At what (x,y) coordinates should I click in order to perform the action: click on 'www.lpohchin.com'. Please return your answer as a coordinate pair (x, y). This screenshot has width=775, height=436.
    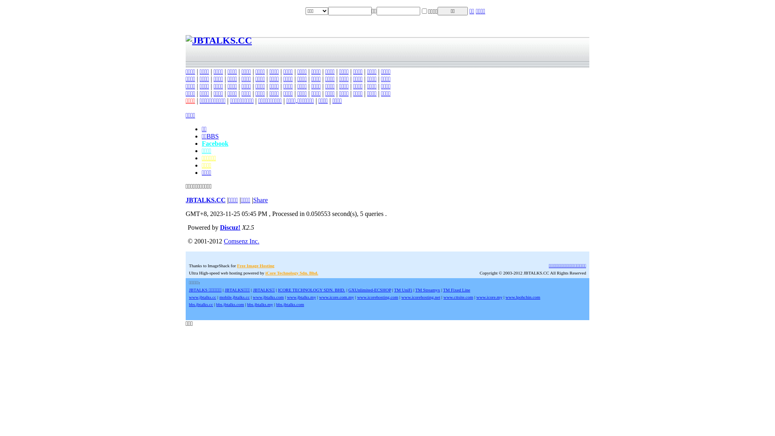
    Looking at the image, I should click on (523, 297).